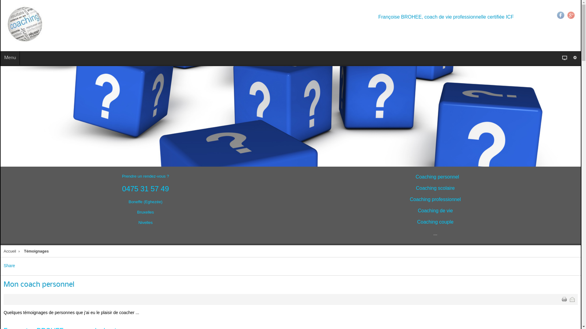 This screenshot has width=586, height=329. I want to click on 'Mon coach personnel', so click(38, 285).